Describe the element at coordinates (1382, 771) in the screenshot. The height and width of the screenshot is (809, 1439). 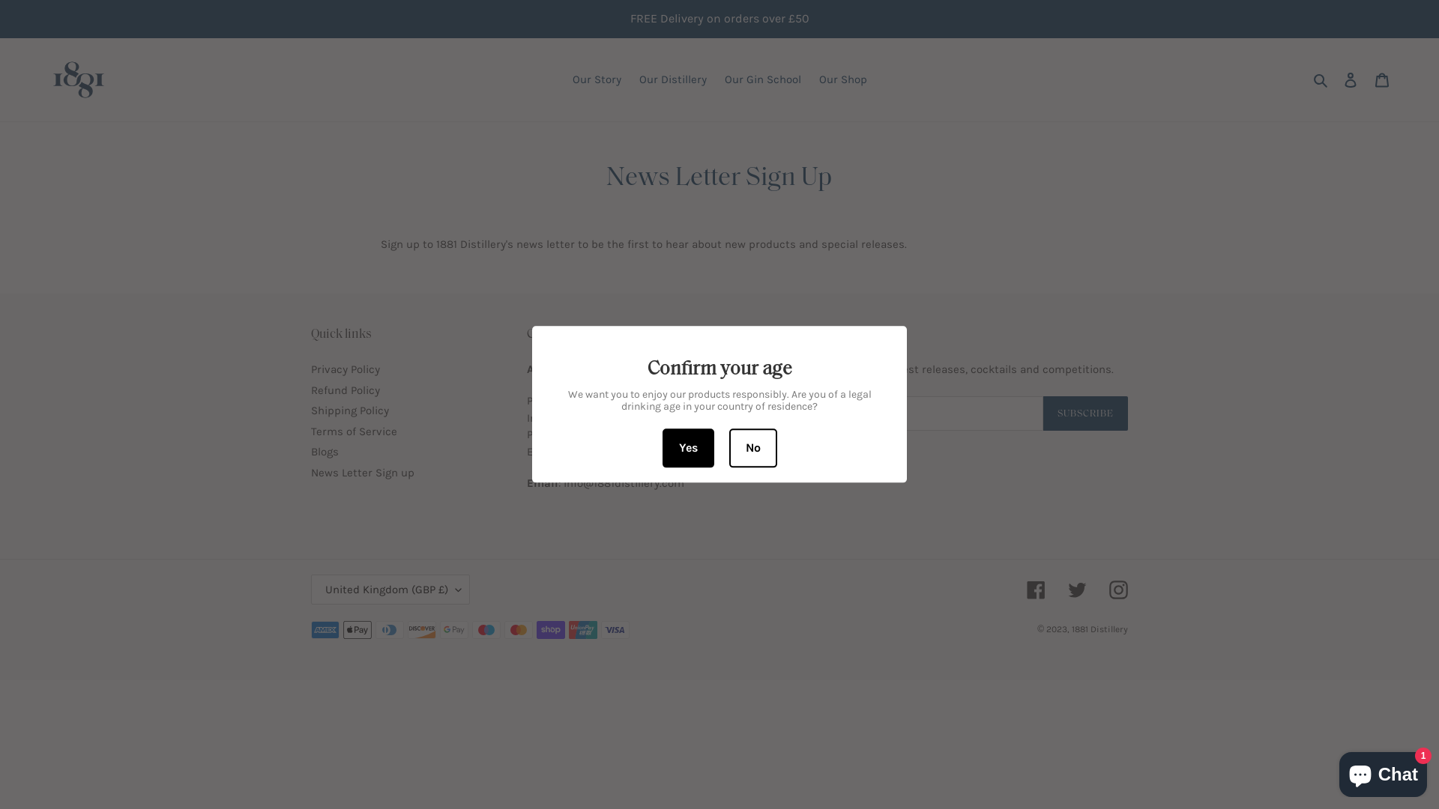
I see `'Shopify online store chat'` at that location.